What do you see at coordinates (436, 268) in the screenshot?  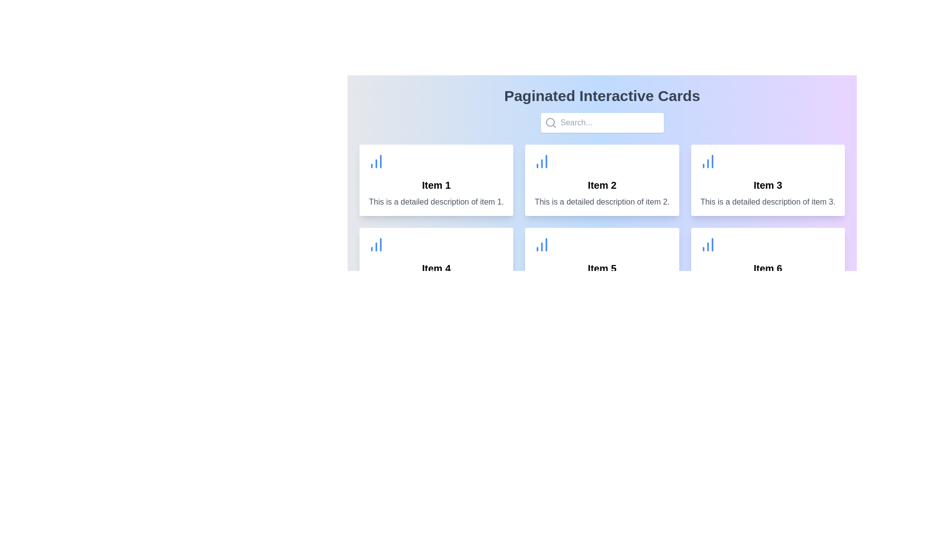 I see `the bold text label reading 'Item 4' located in the center of a white card with rounded edges and a light shadow, positioned in the fourth card of a grid layout, second row, first column` at bounding box center [436, 268].